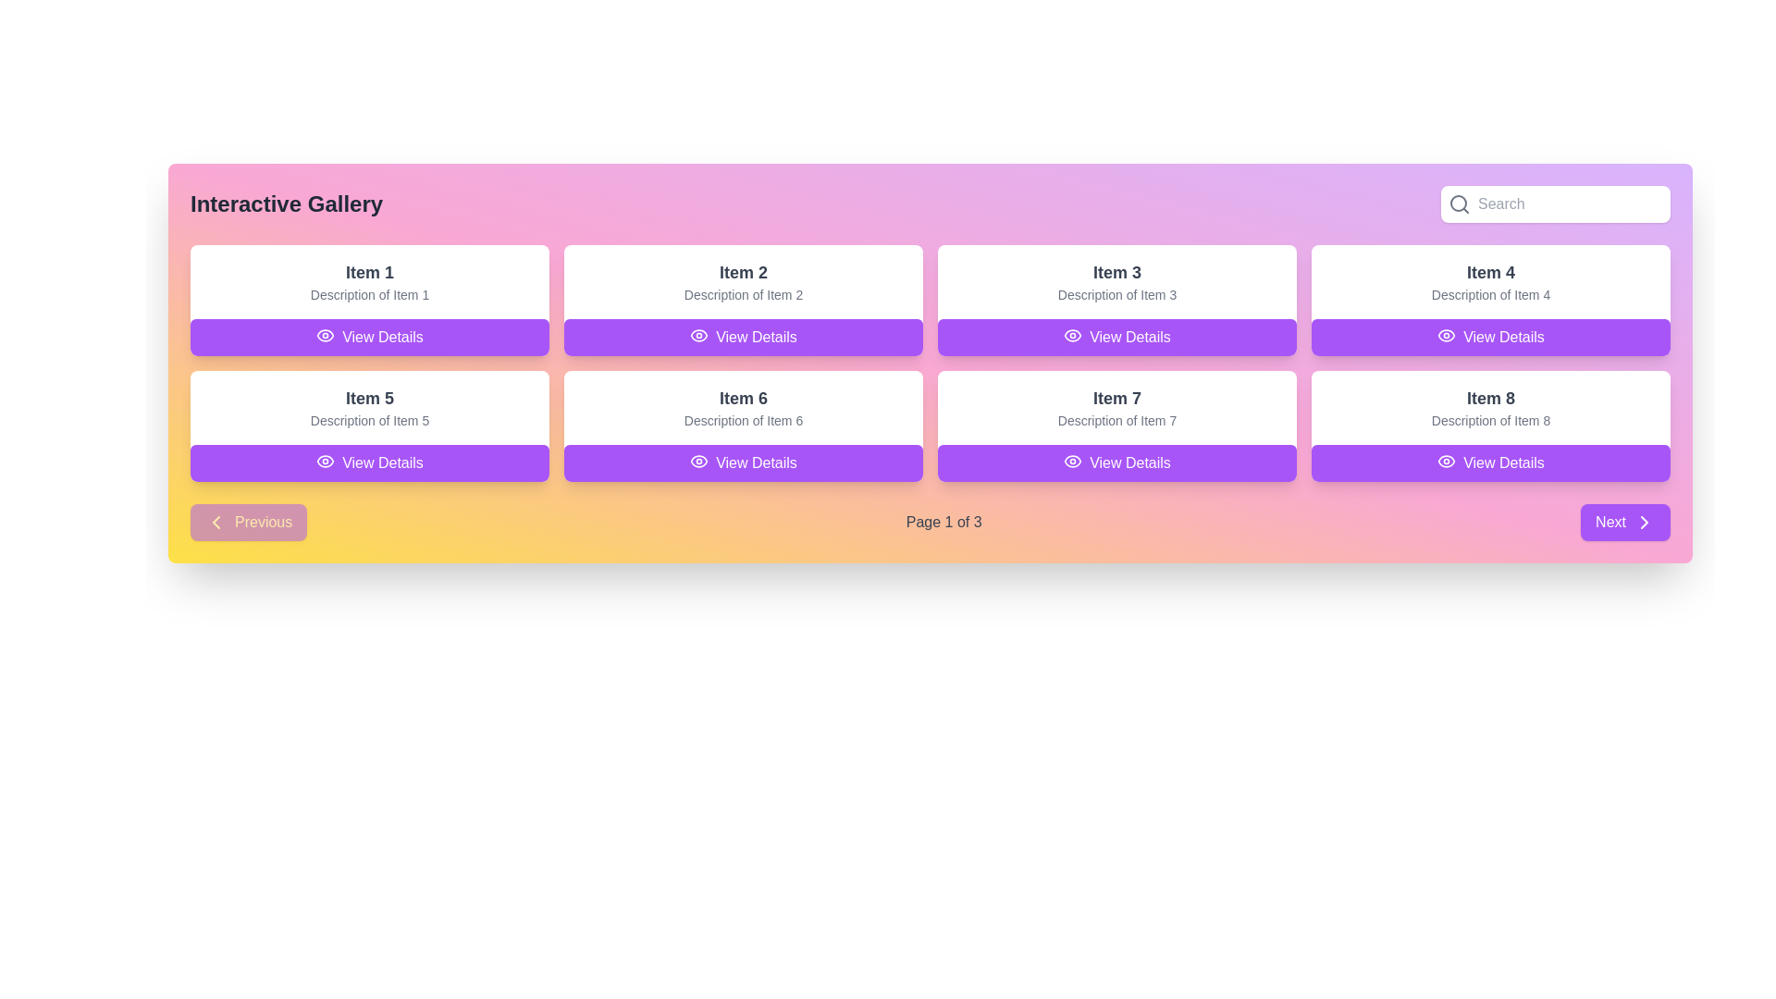 This screenshot has width=1776, height=999. Describe the element at coordinates (369, 406) in the screenshot. I see `the content block displaying 'Item 5' and its description by moving the mouse to its center` at that location.